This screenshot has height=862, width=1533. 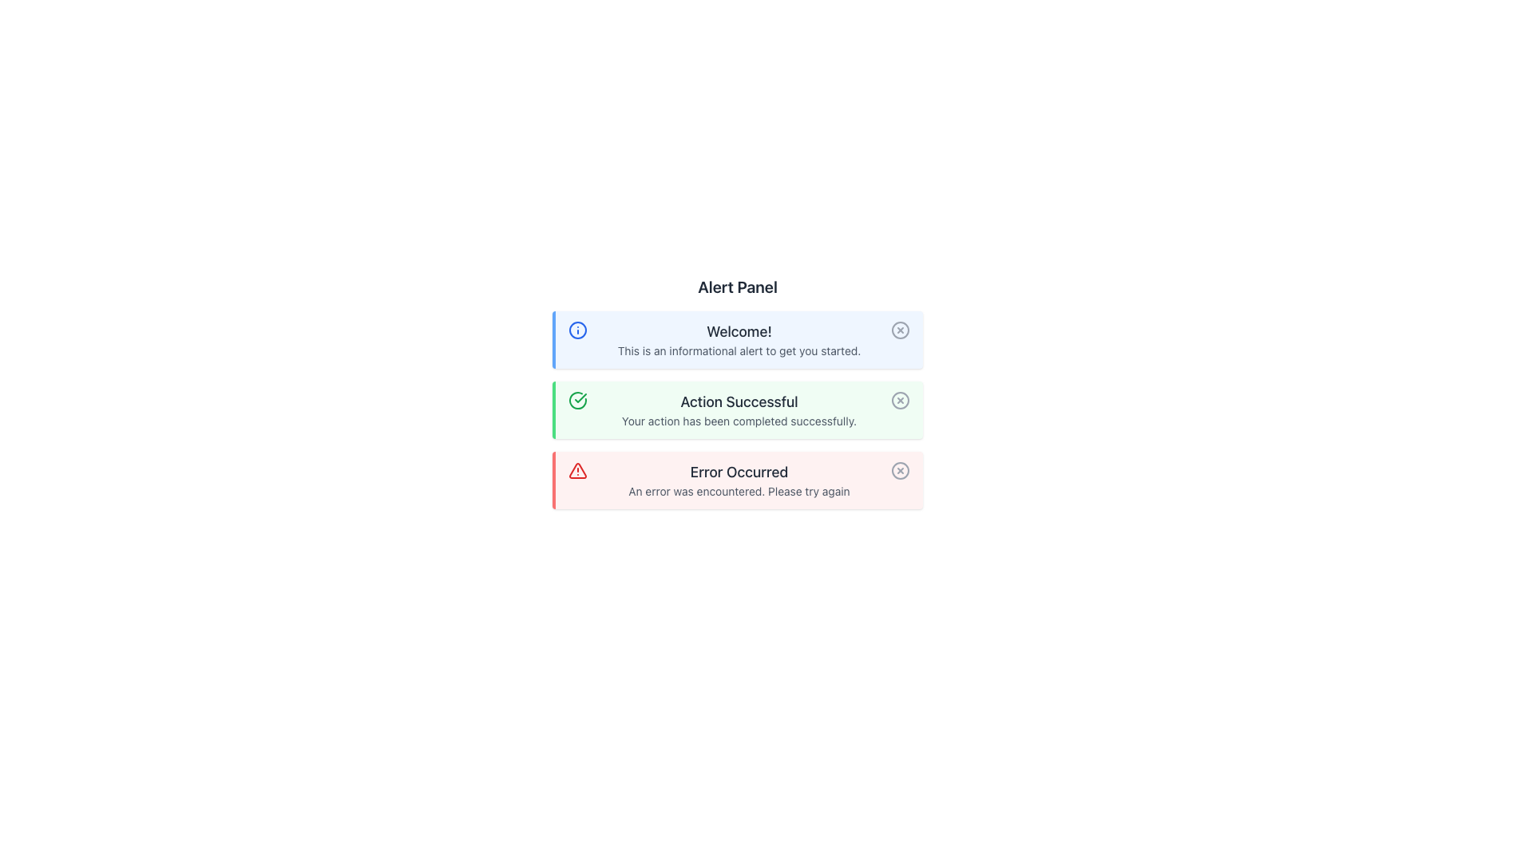 I want to click on text content of the alert box displaying 'Action Successful' and 'Your action has been completed successfully.', so click(x=739, y=409).